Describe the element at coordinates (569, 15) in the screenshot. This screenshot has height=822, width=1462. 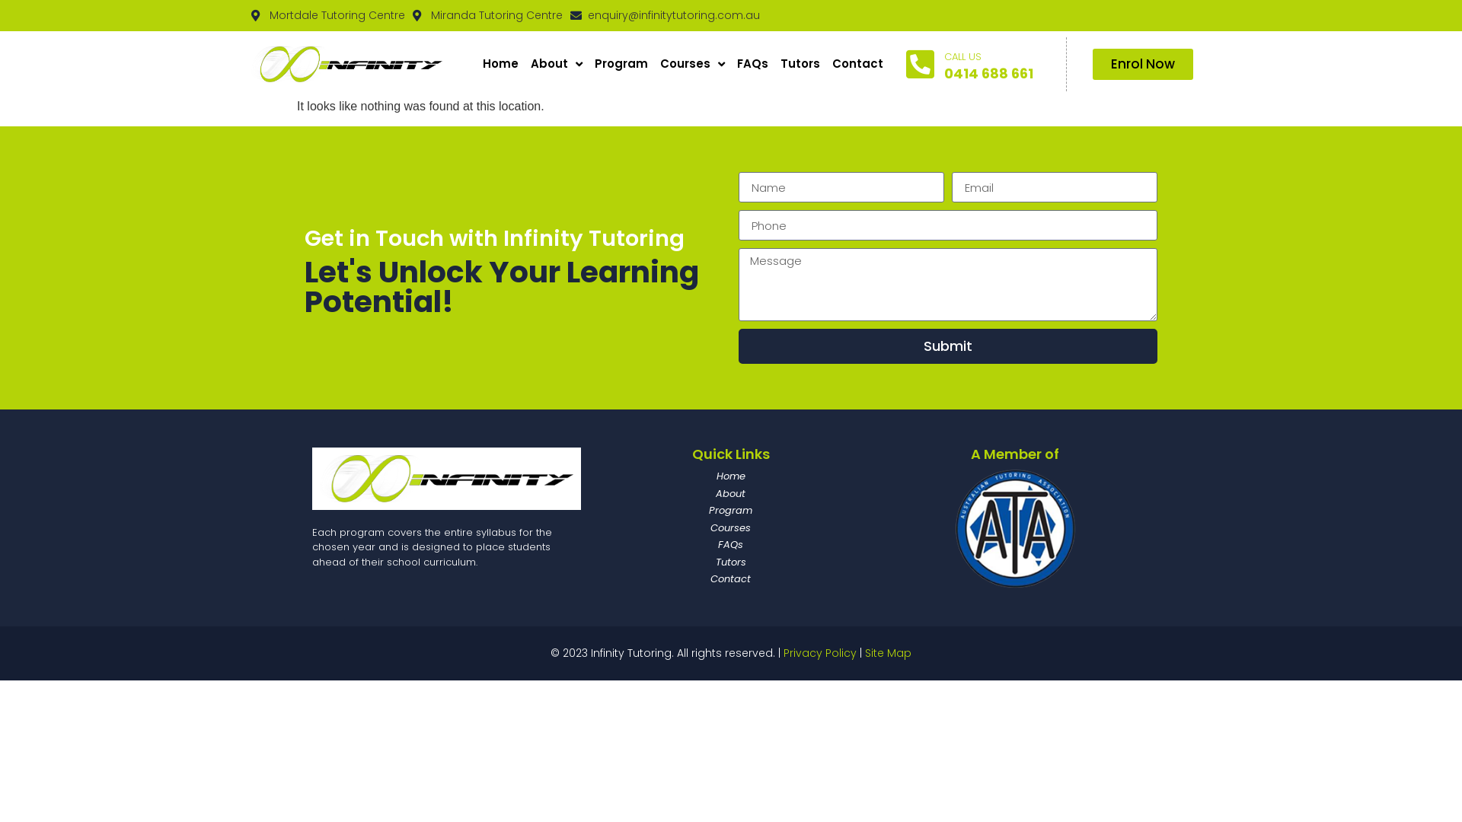
I see `'enquiry@infinitytutoring.com.au'` at that location.